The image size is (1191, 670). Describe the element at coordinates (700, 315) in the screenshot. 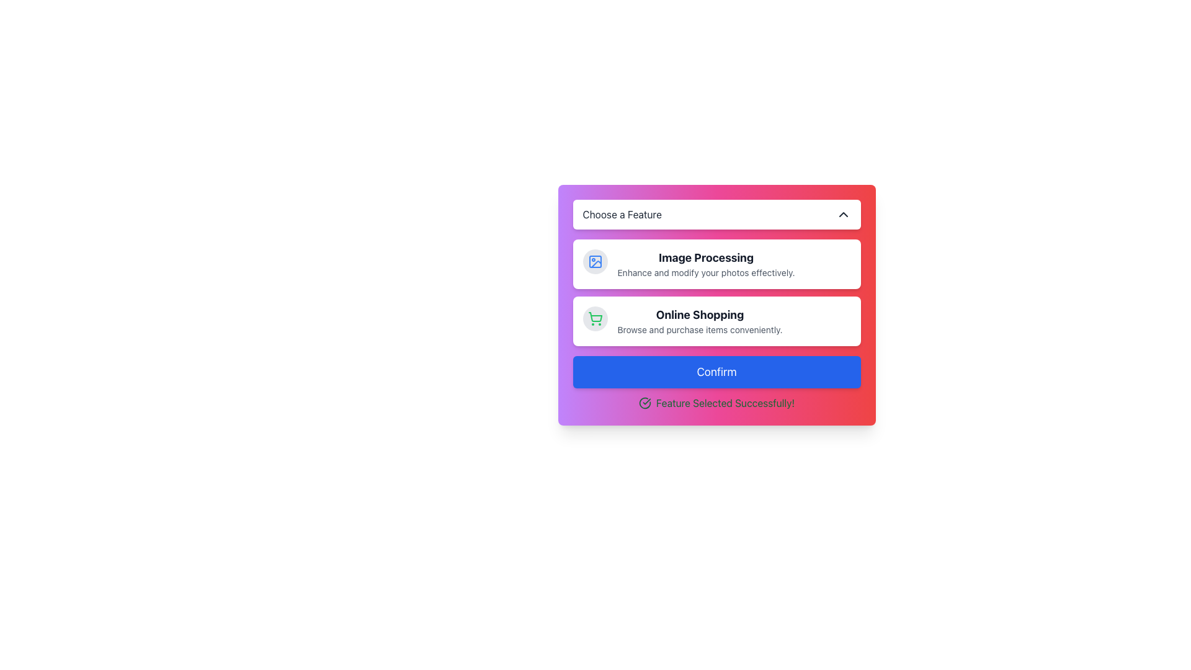

I see `the Text label that serves as a heading for the section above the 'Browse and purchase items conveniently.' text to trigger a tooltip or style change` at that location.